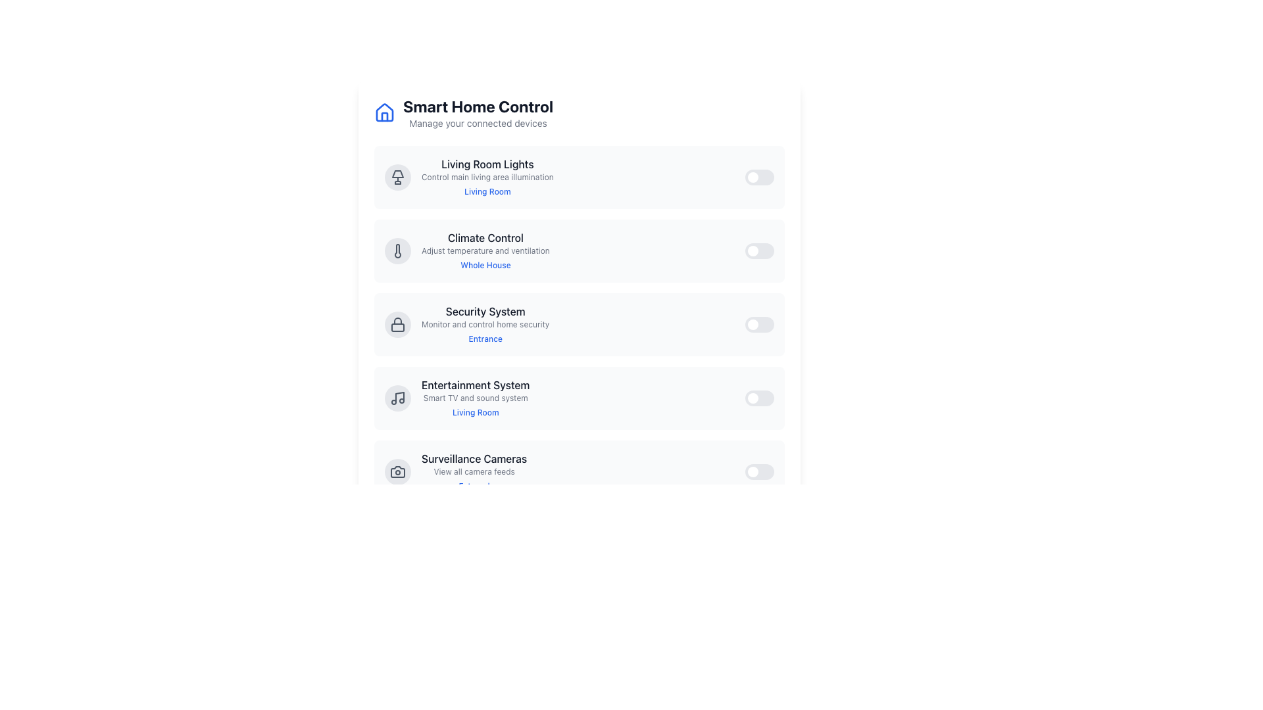 This screenshot has height=710, width=1263. Describe the element at coordinates (384, 111) in the screenshot. I see `the house-shaped icon located at the top left corner of the interface, adjacent to 'Smart Home Control'` at that location.